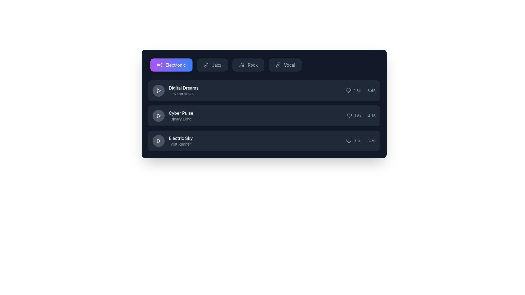  I want to click on the numeric display indicating the number of likes (1.8k) for the music track 'Cyber Pulse', which is located on the second row of the song list, to the right of the song title and left of the text '4:15', so click(354, 116).